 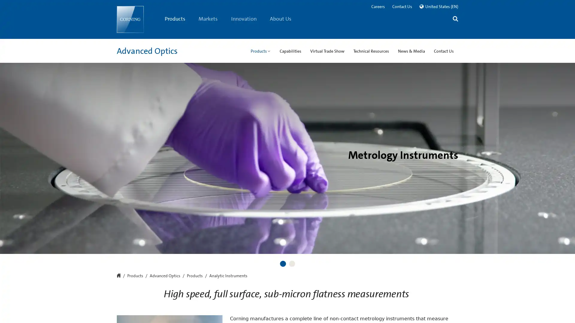 I want to click on 1, so click(x=283, y=263).